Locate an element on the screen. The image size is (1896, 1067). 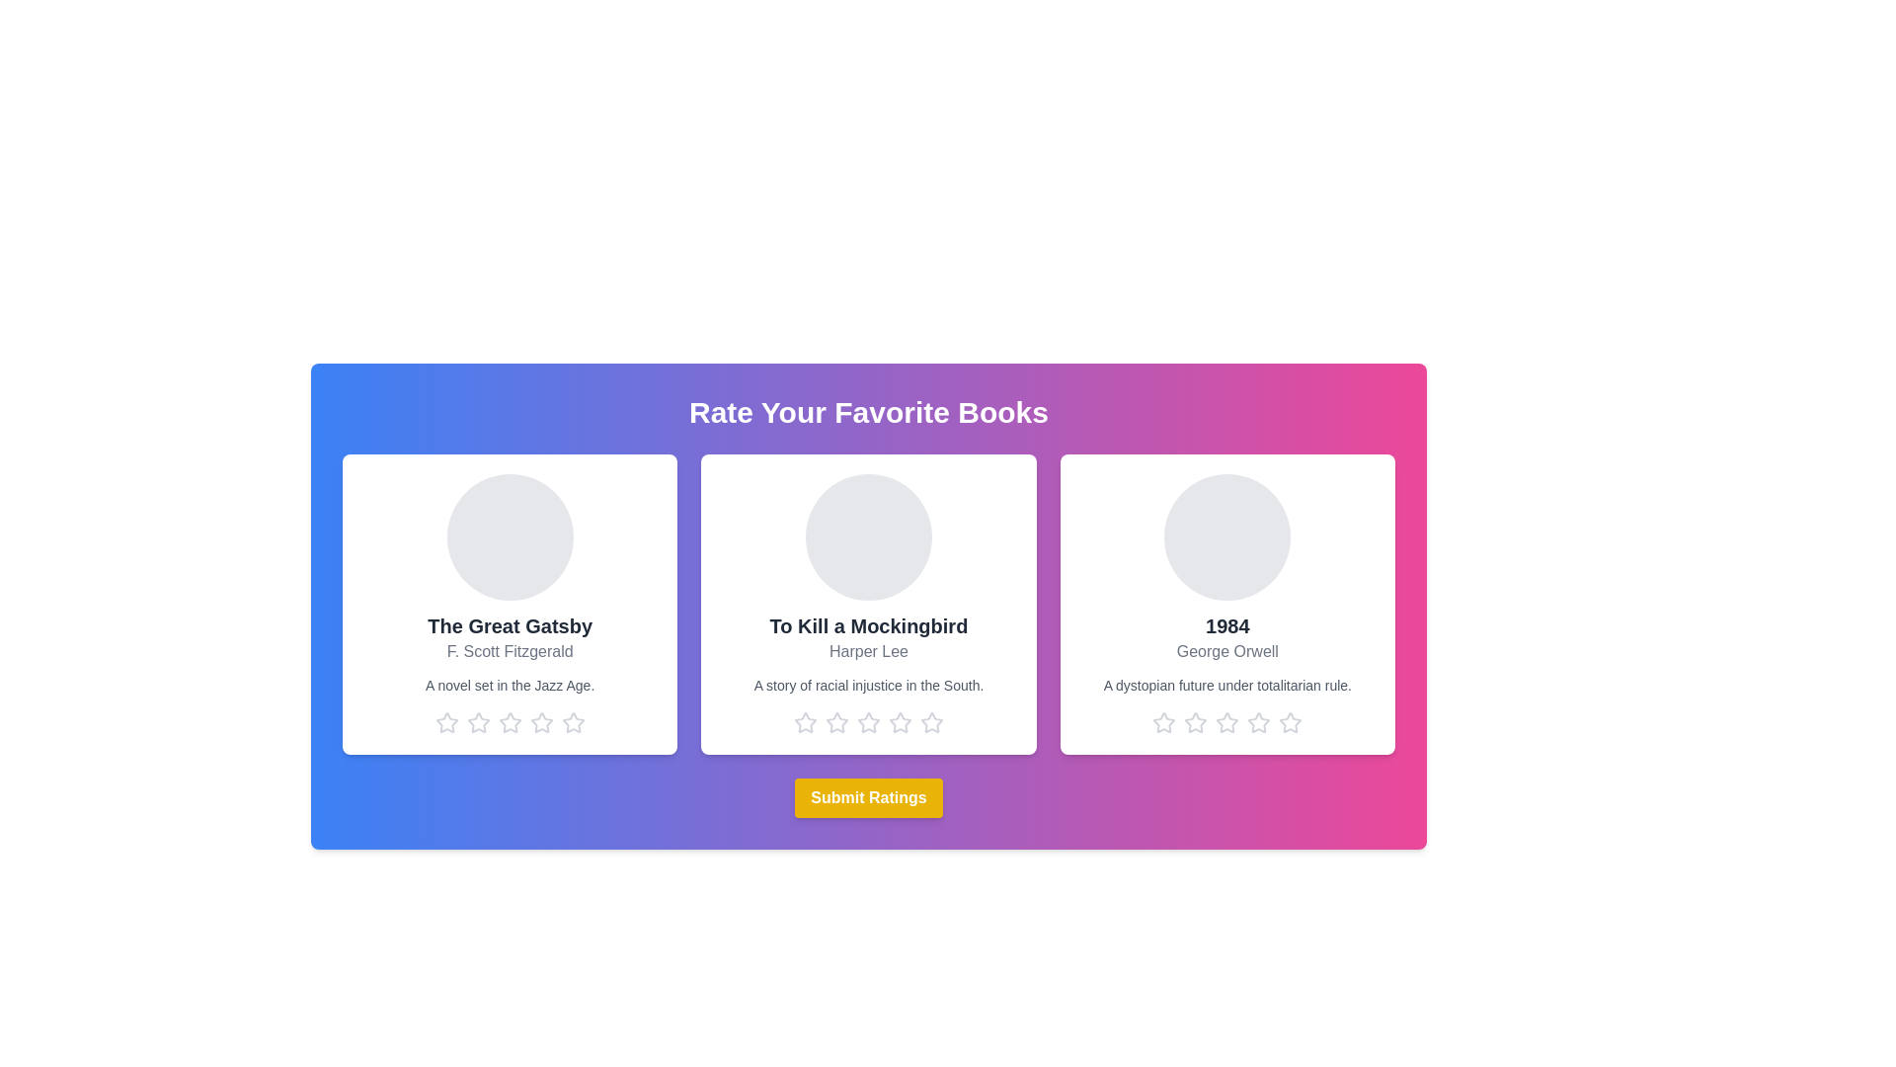
the star corresponding to the rating 1 for the book titled 1984 is located at coordinates (1164, 723).